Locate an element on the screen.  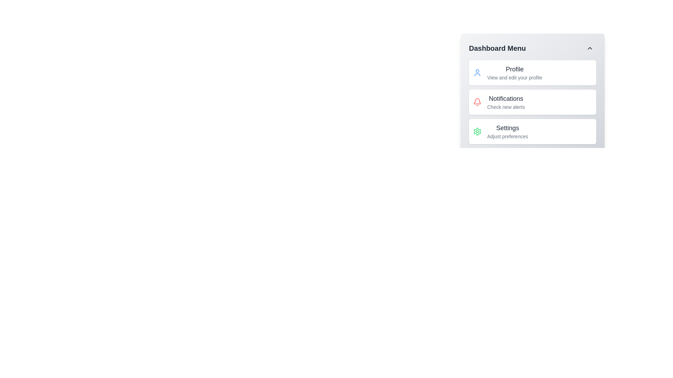
the menu item labeled Notifications to view its tooltip is located at coordinates (506, 102).